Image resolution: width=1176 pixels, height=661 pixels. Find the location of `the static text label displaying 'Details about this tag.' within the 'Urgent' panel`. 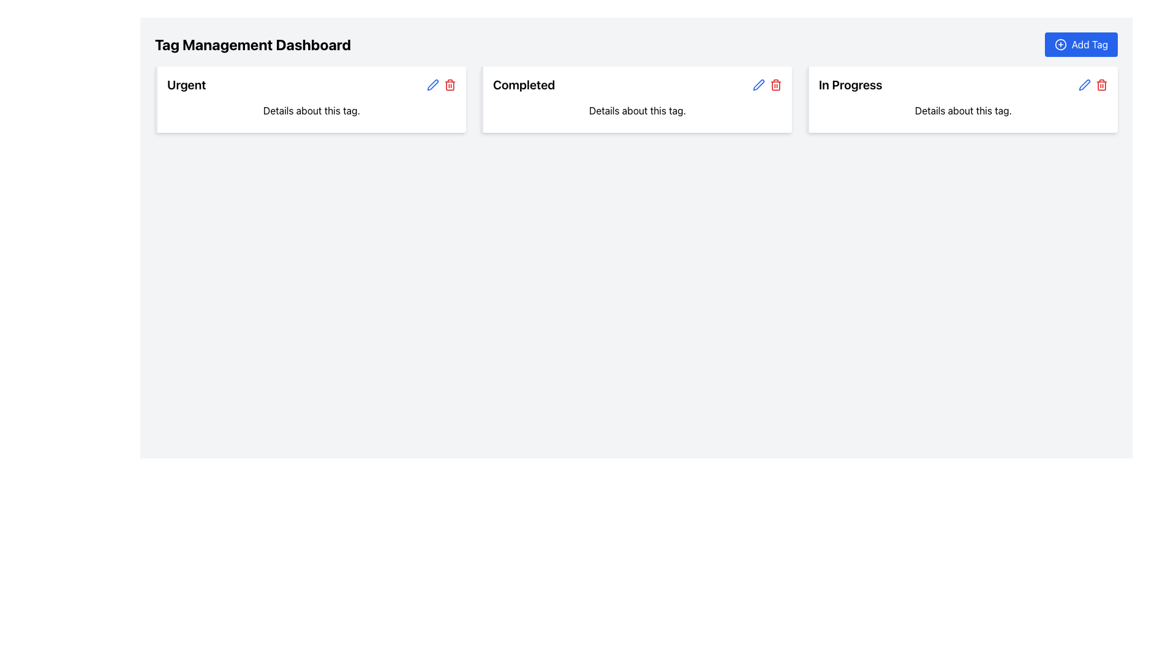

the static text label displaying 'Details about this tag.' within the 'Urgent' panel is located at coordinates (311, 111).